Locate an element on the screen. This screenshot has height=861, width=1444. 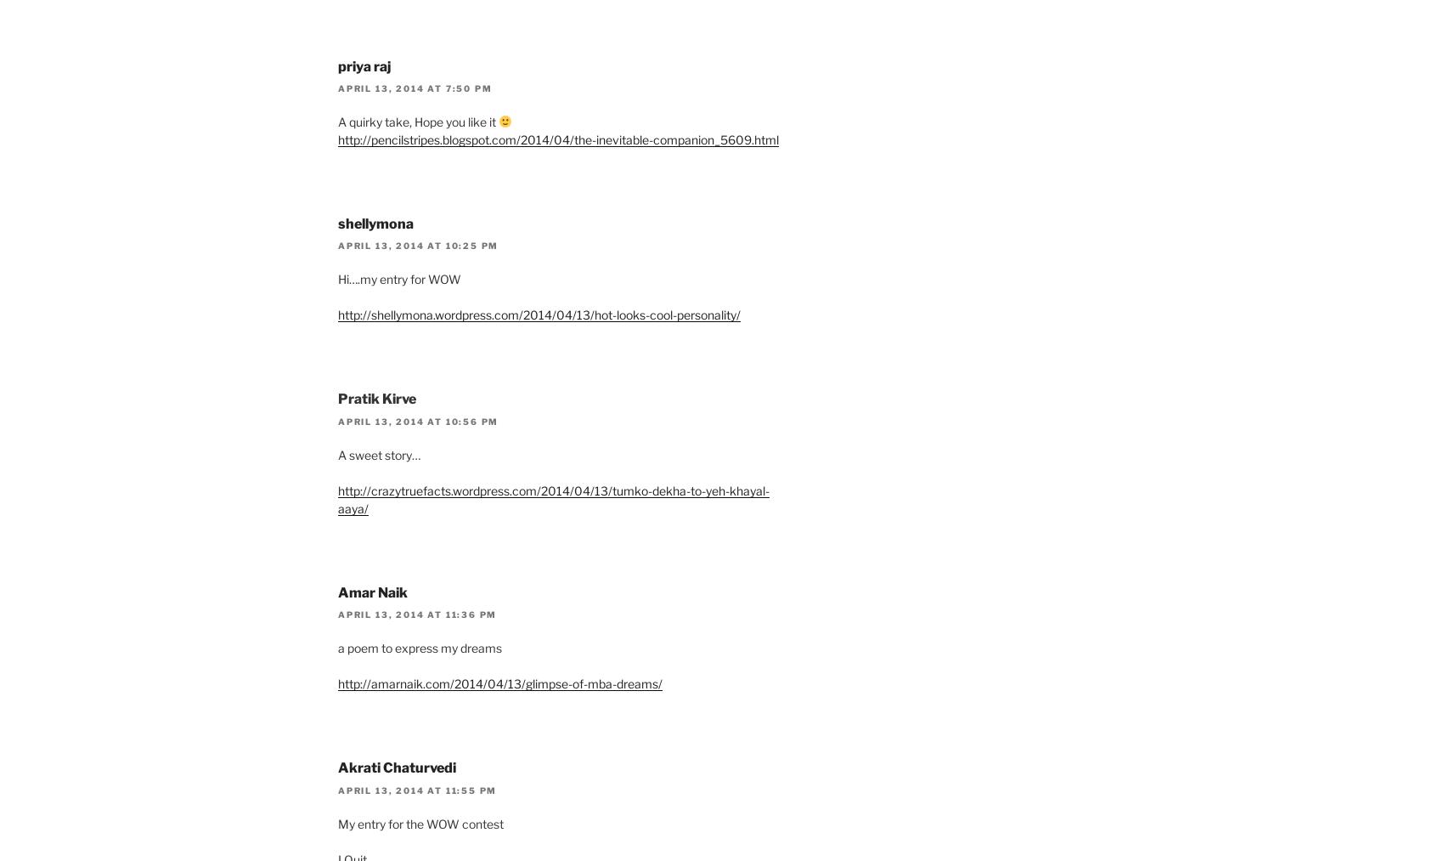
'http://crazytruefacts.wordpress.com/2014/04/13/tumko-dekha-to-yeh-khayal-aaya/' is located at coordinates (553, 499).